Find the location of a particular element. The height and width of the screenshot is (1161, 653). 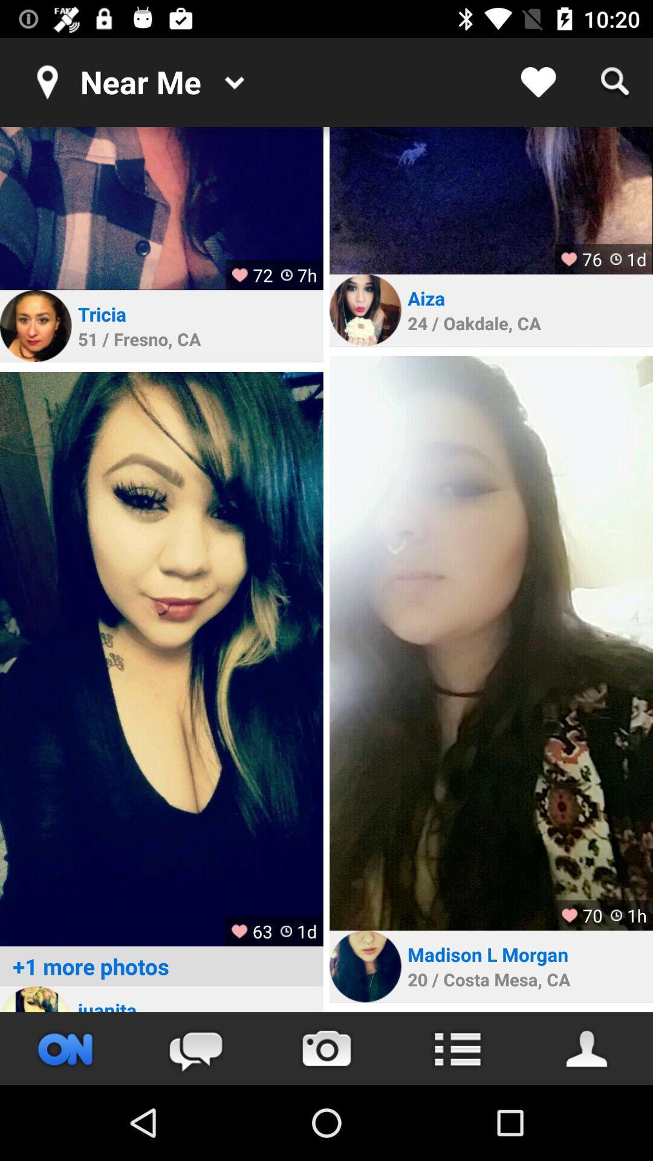

open profile is located at coordinates (491, 200).